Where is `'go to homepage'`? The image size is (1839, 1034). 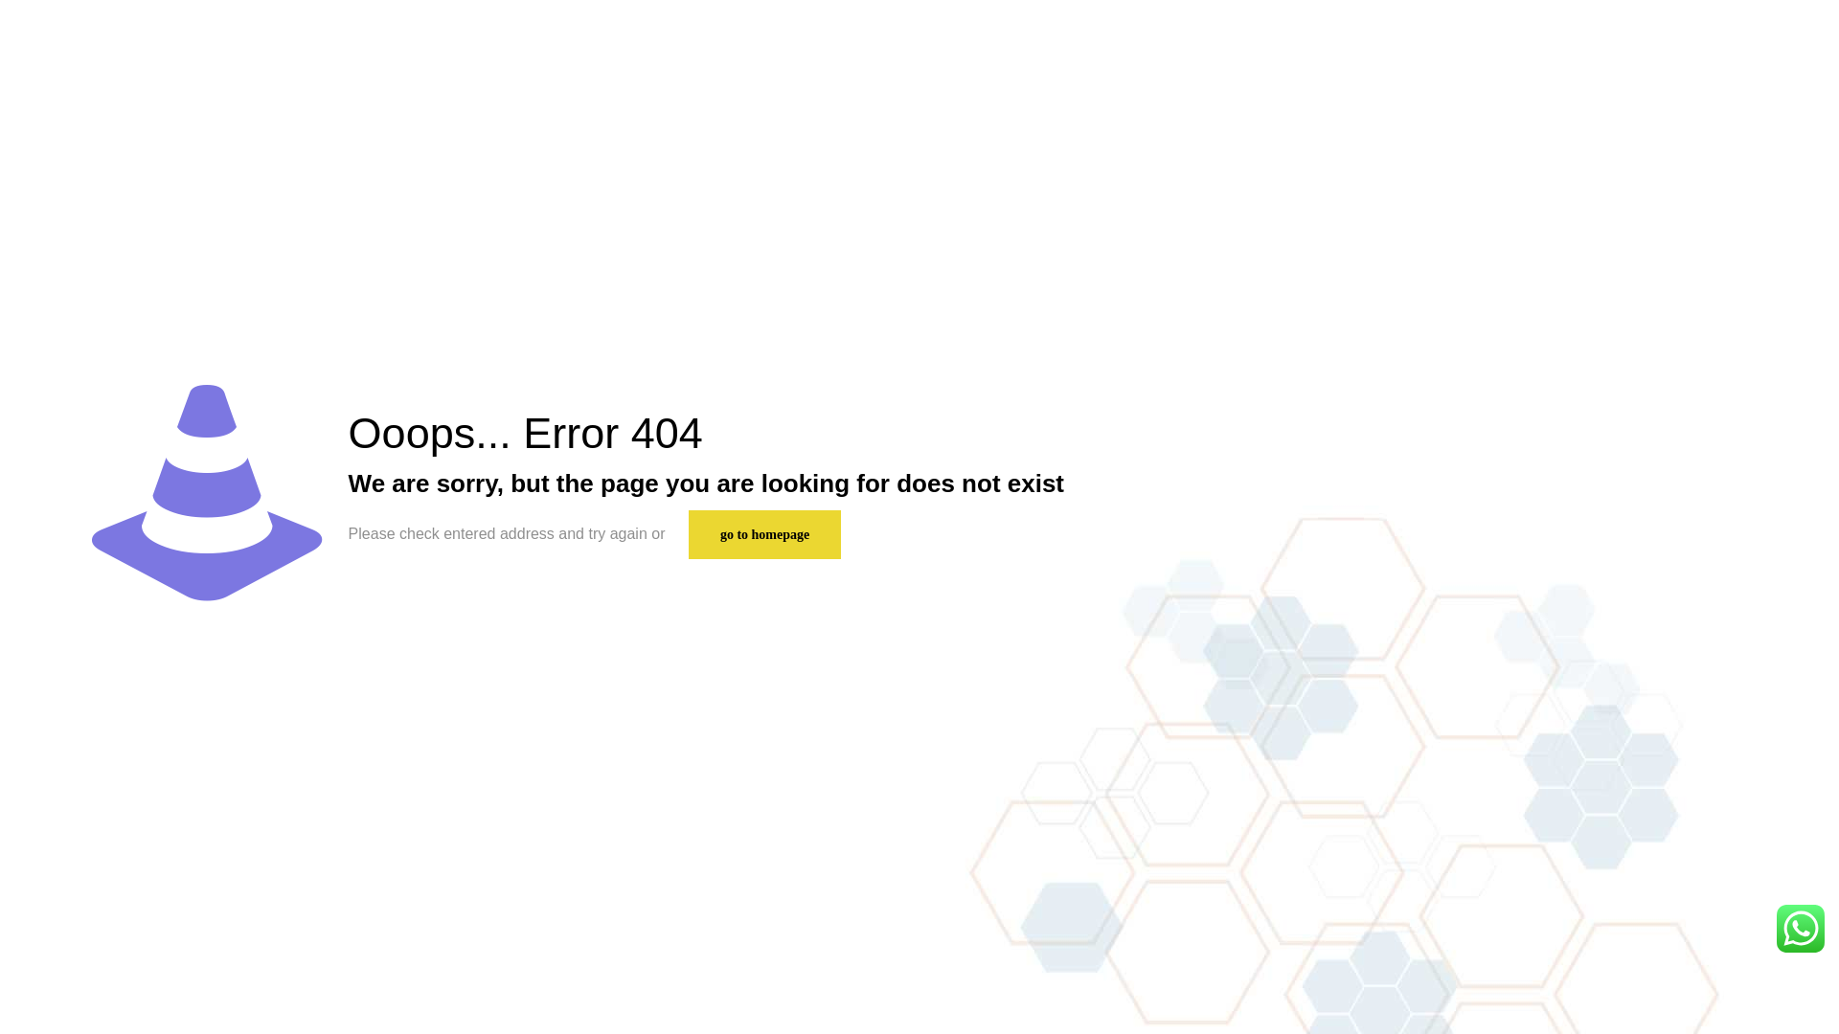
'go to homepage' is located at coordinates (763, 534).